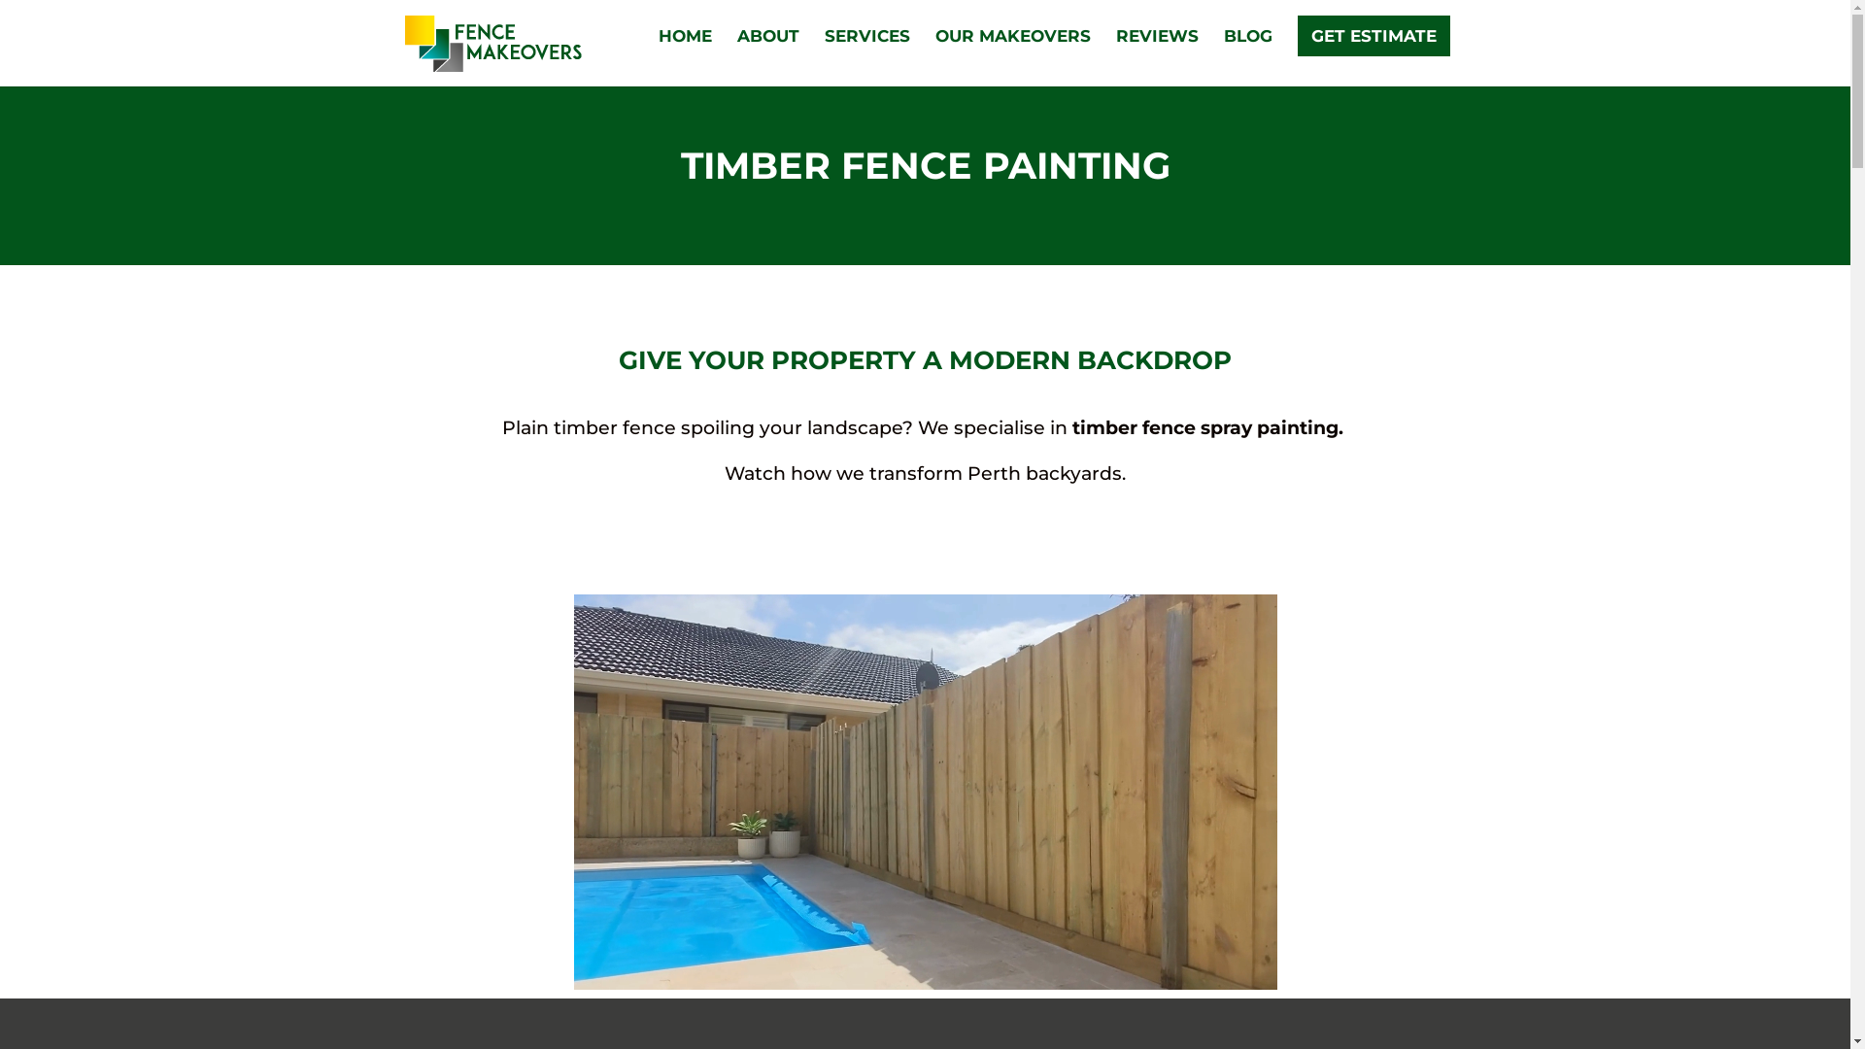 The height and width of the screenshot is (1049, 1865). What do you see at coordinates (865, 56) in the screenshot?
I see `'SERVICES'` at bounding box center [865, 56].